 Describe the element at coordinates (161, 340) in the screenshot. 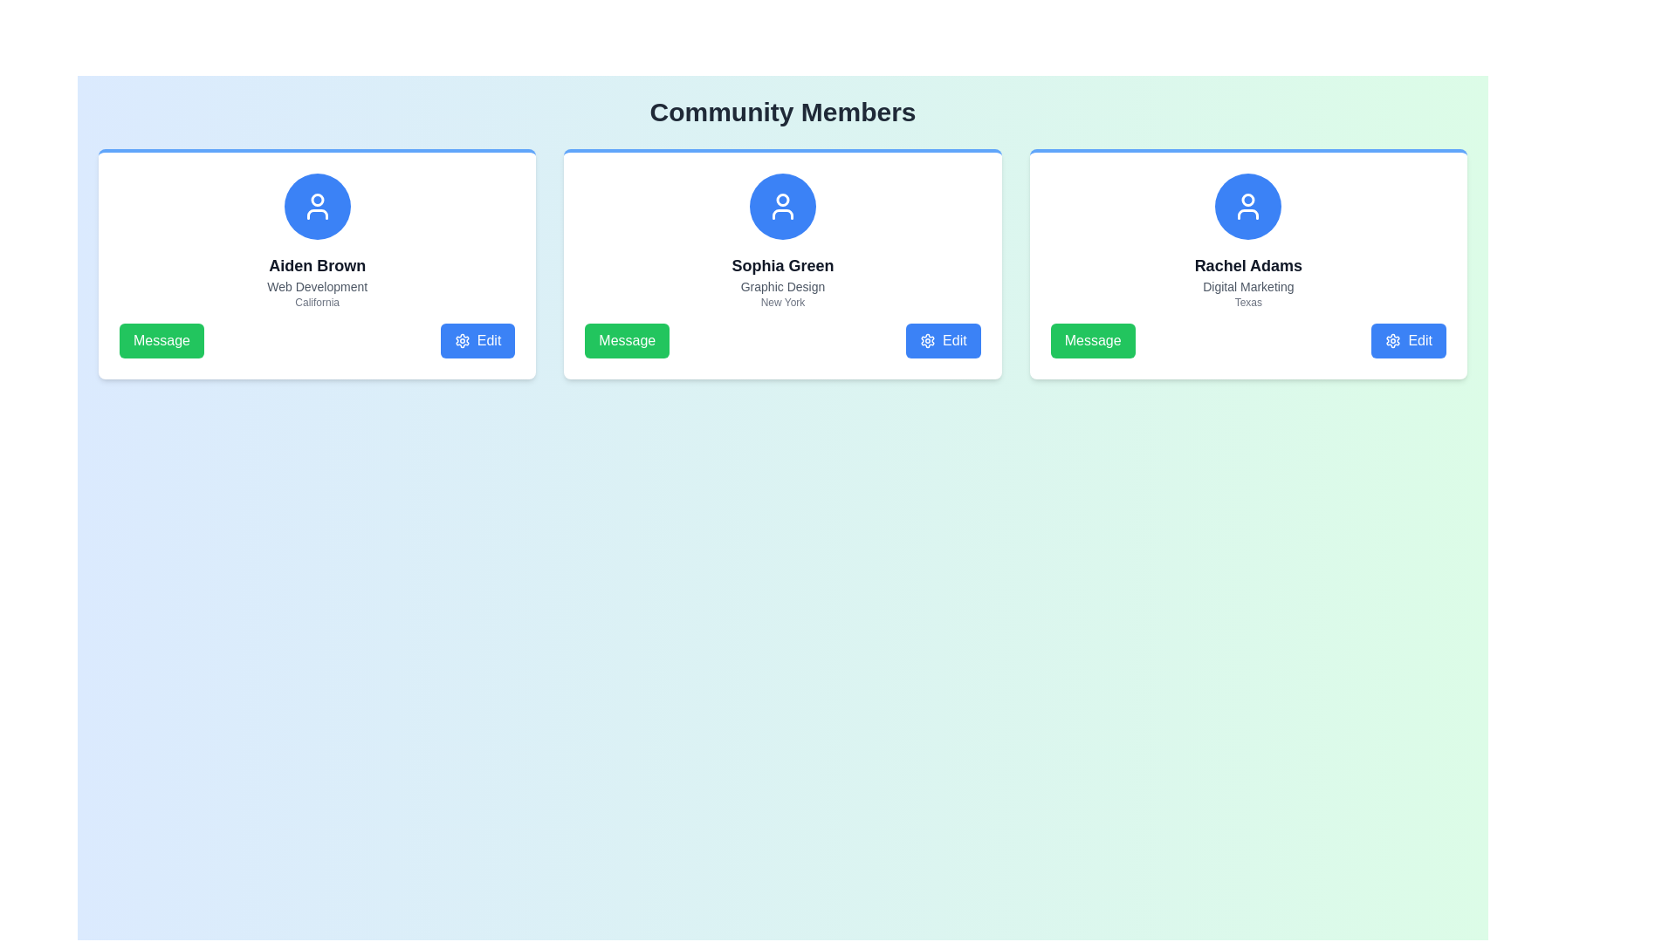

I see `the green button labeled 'Message' located at the bottom left of Aiden Brown's card in the Community Members section to activate its hover effect` at that location.